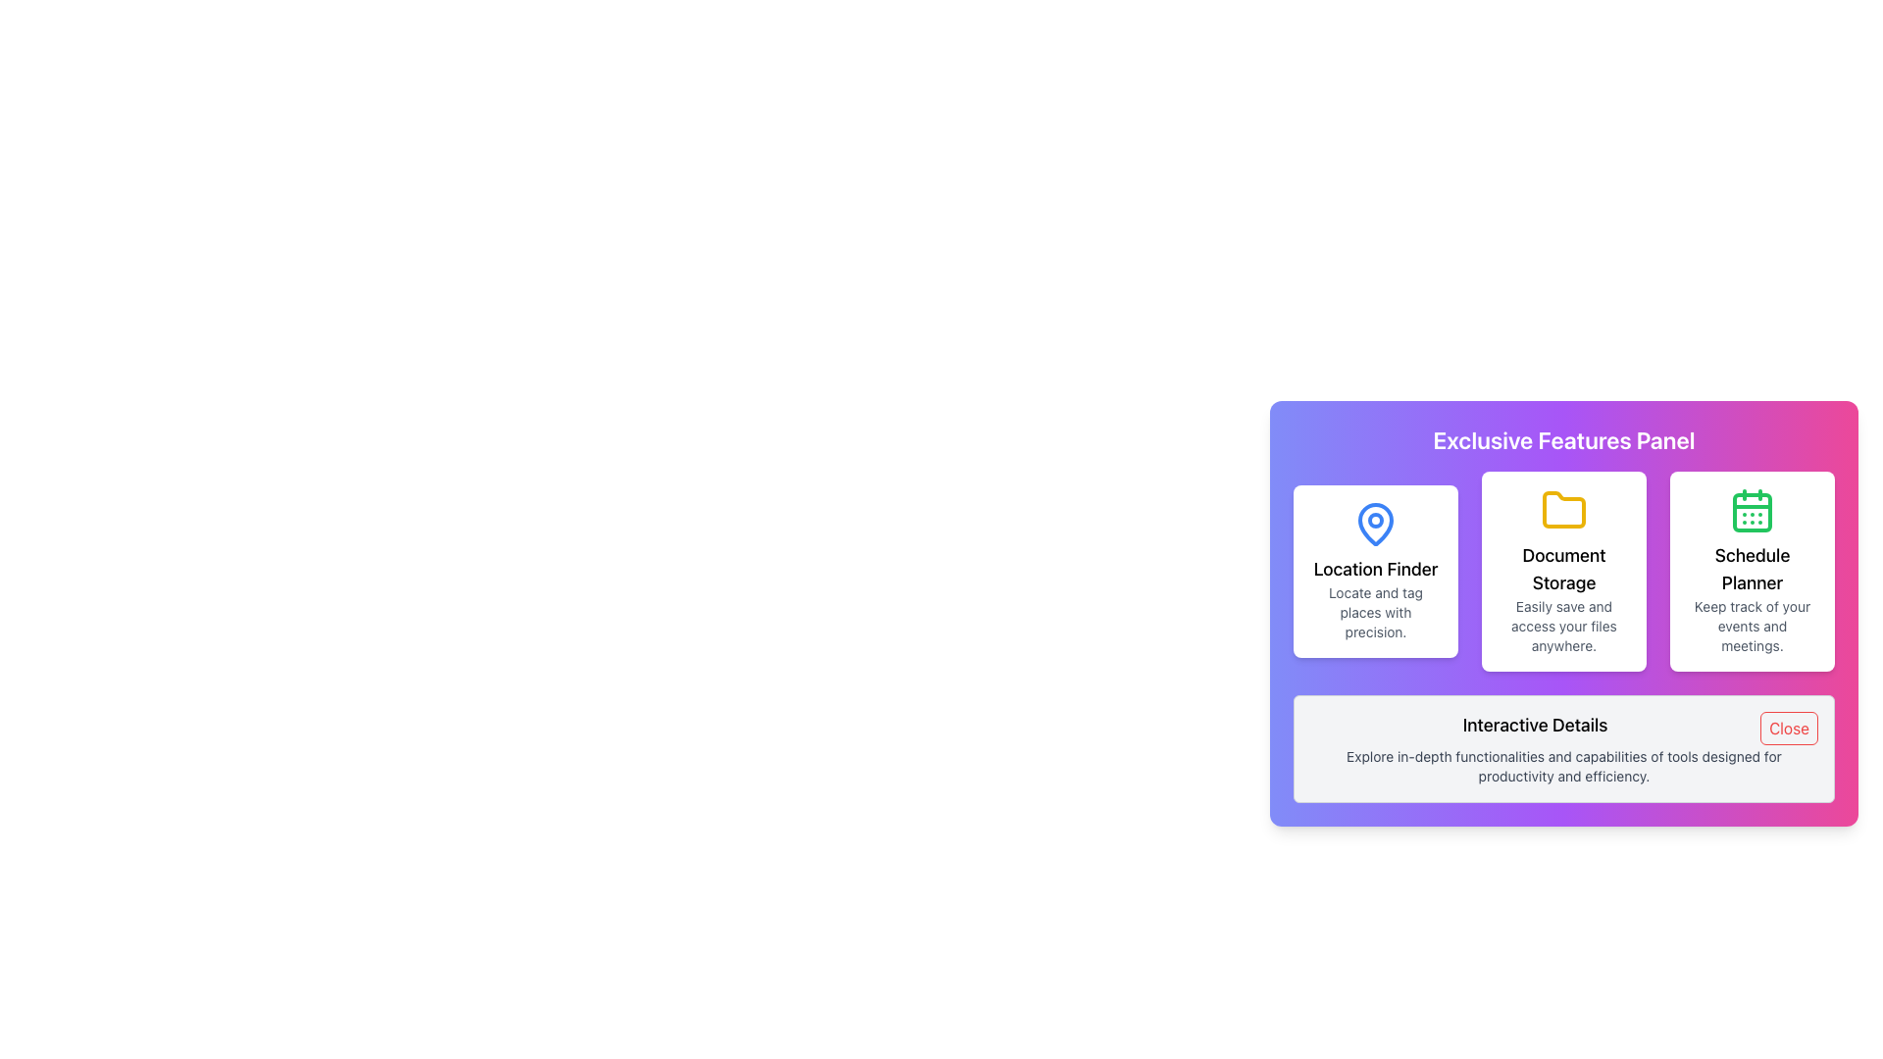 Image resolution: width=1883 pixels, height=1059 pixels. I want to click on the first card in the horizontal series of three cards for the 'Location Finder' feature, which is positioned on the leftmost side, so click(1374, 571).